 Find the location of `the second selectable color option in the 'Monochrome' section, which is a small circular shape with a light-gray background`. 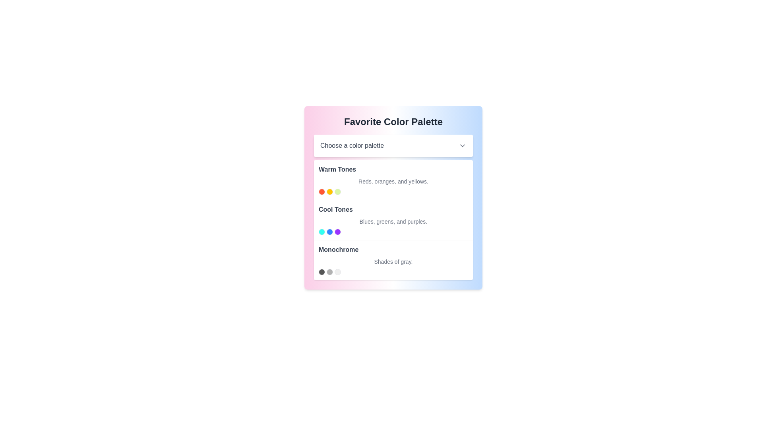

the second selectable color option in the 'Monochrome' section, which is a small circular shape with a light-gray background is located at coordinates (330, 272).